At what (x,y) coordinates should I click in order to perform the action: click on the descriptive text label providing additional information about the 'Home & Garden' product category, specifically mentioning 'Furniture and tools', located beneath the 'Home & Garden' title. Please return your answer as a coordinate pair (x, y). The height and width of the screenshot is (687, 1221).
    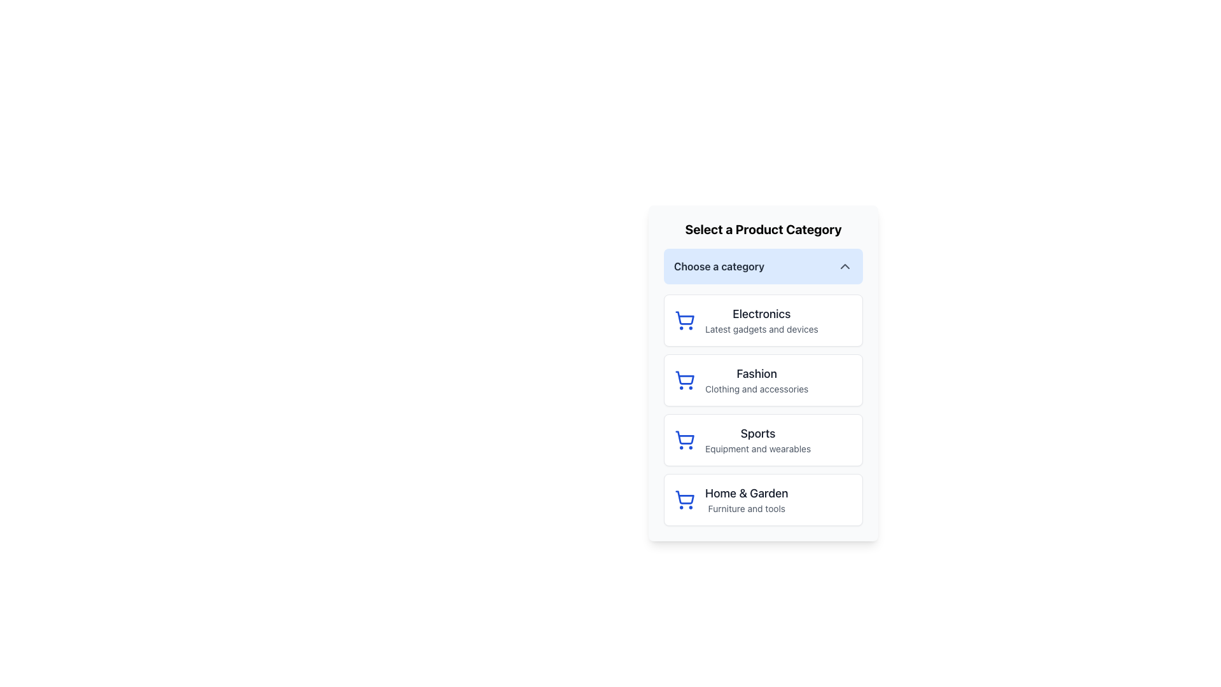
    Looking at the image, I should click on (747, 508).